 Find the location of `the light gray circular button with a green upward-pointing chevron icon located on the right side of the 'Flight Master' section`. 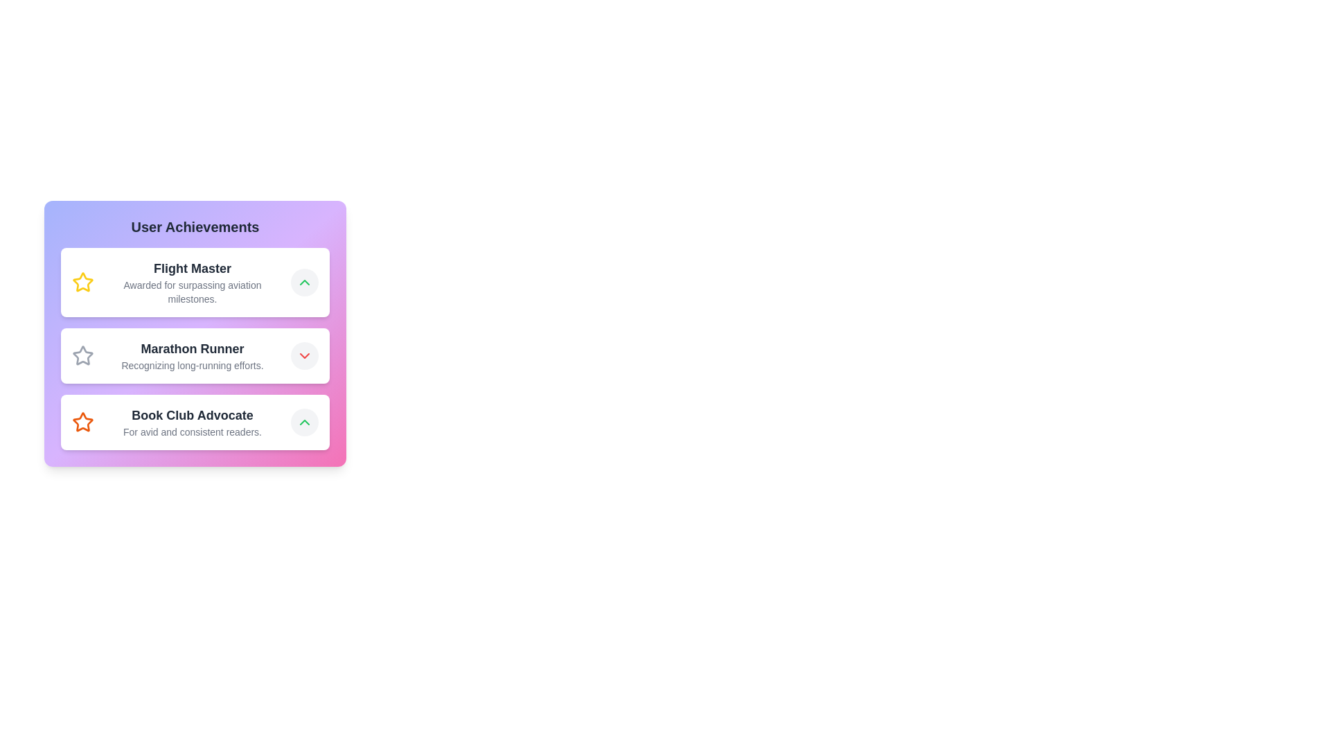

the light gray circular button with a green upward-pointing chevron icon located on the right side of the 'Flight Master' section is located at coordinates (304, 282).